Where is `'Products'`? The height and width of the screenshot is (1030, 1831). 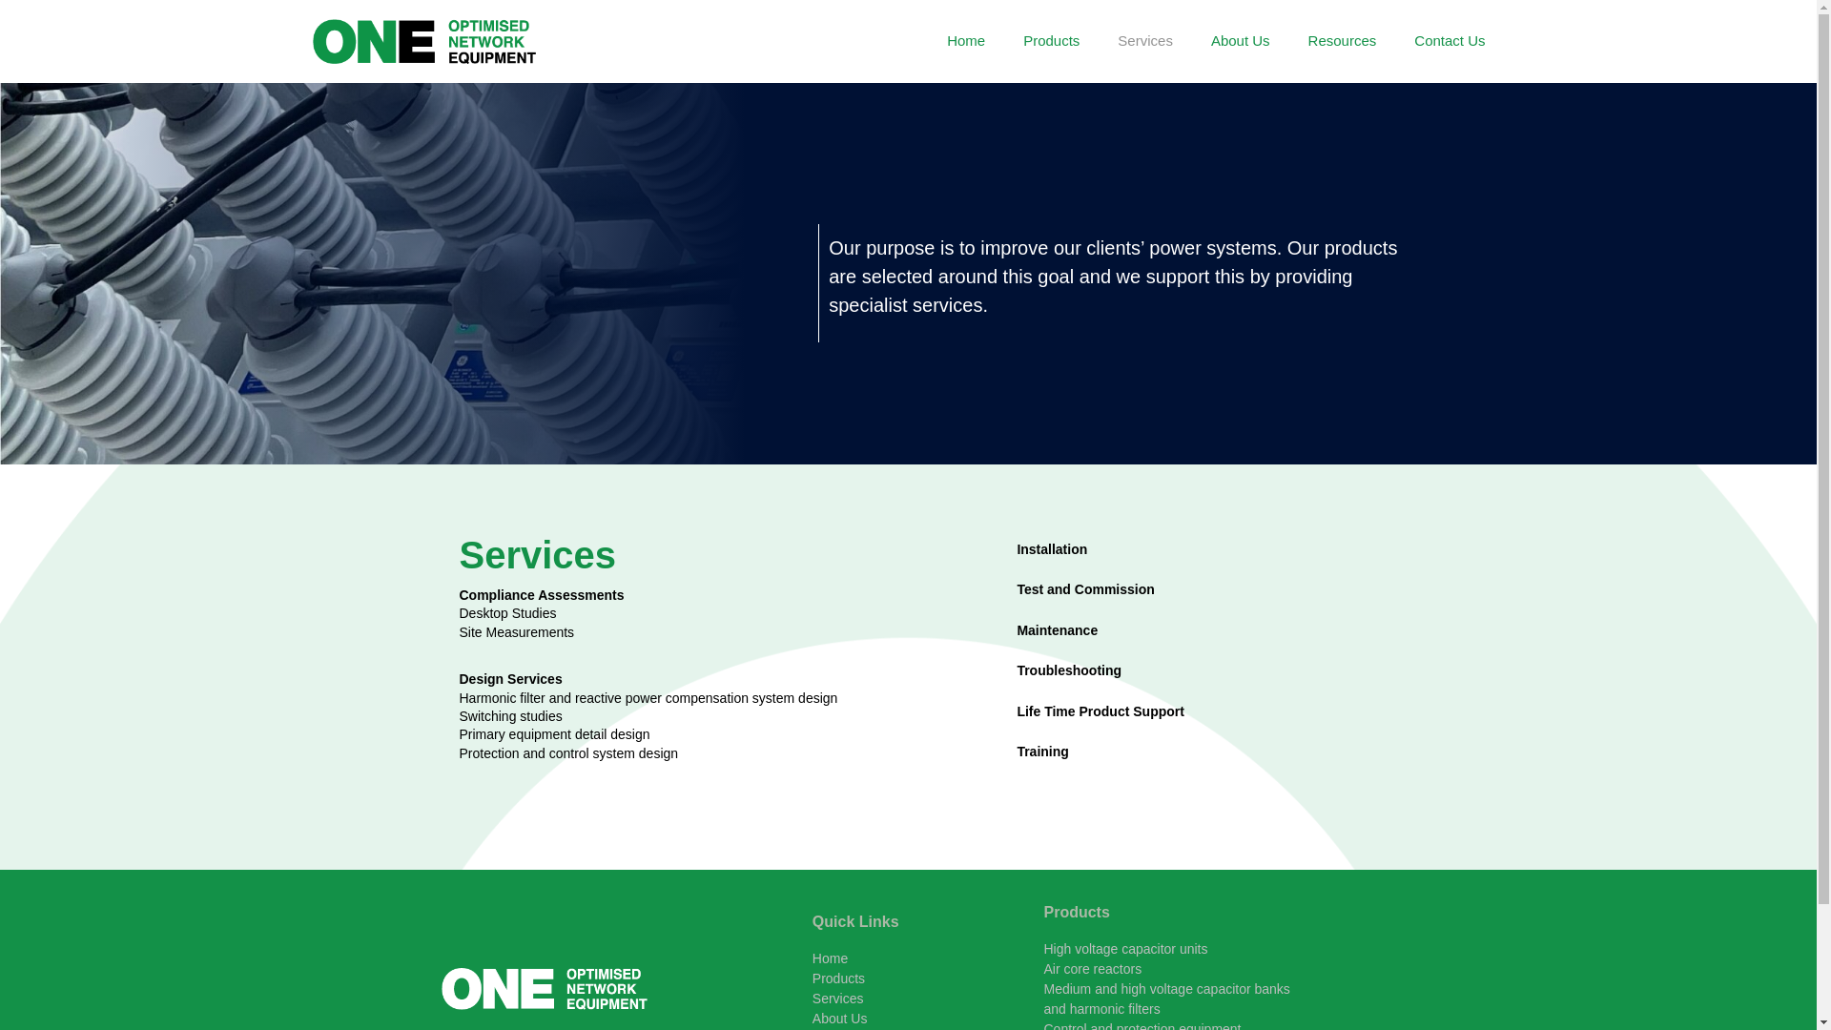
'Products' is located at coordinates (838, 978).